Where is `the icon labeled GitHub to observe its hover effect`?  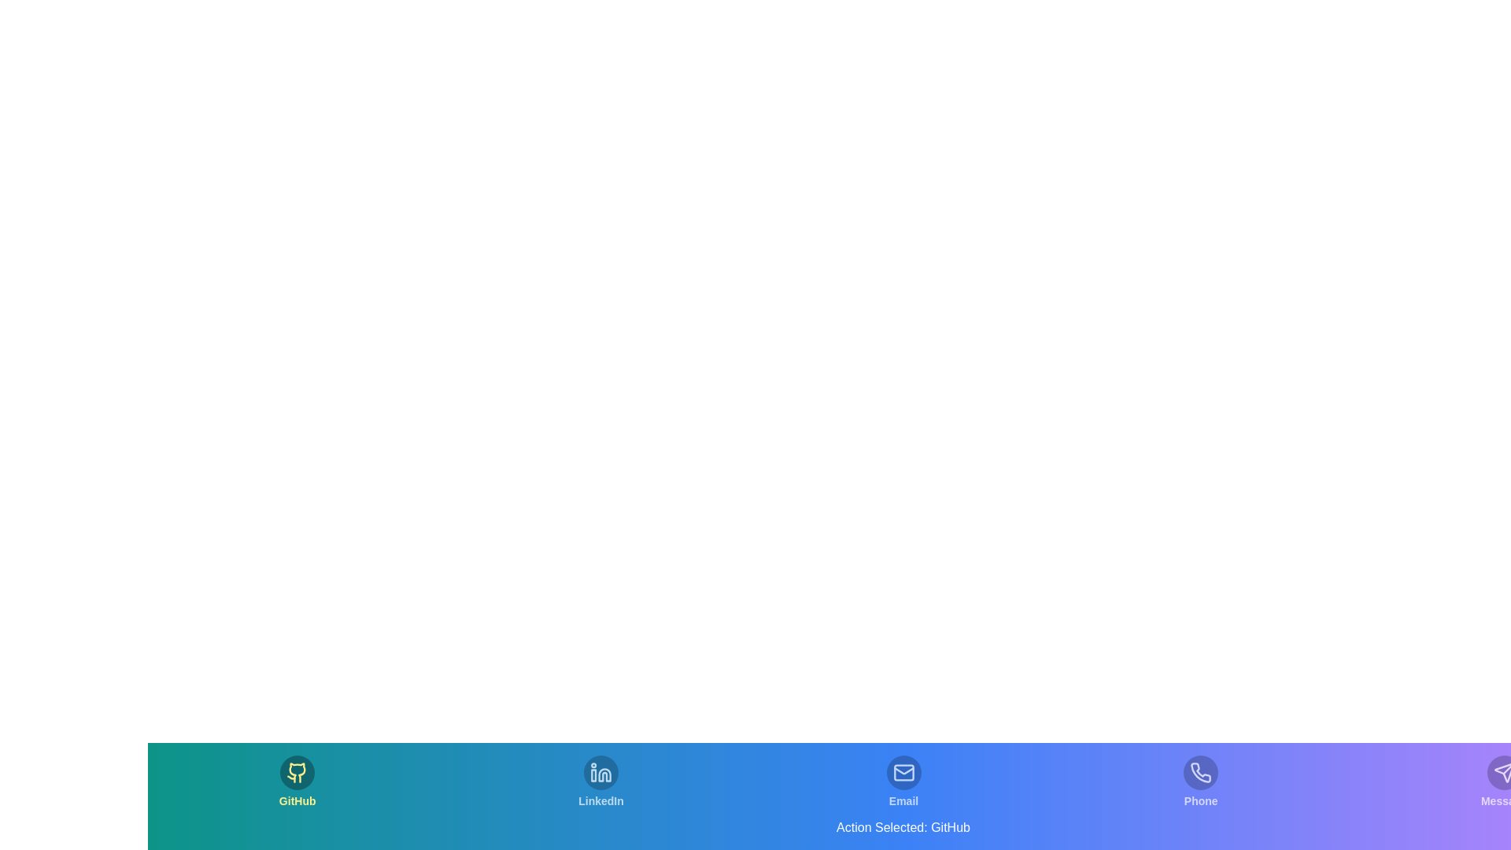 the icon labeled GitHub to observe its hover effect is located at coordinates (297, 782).